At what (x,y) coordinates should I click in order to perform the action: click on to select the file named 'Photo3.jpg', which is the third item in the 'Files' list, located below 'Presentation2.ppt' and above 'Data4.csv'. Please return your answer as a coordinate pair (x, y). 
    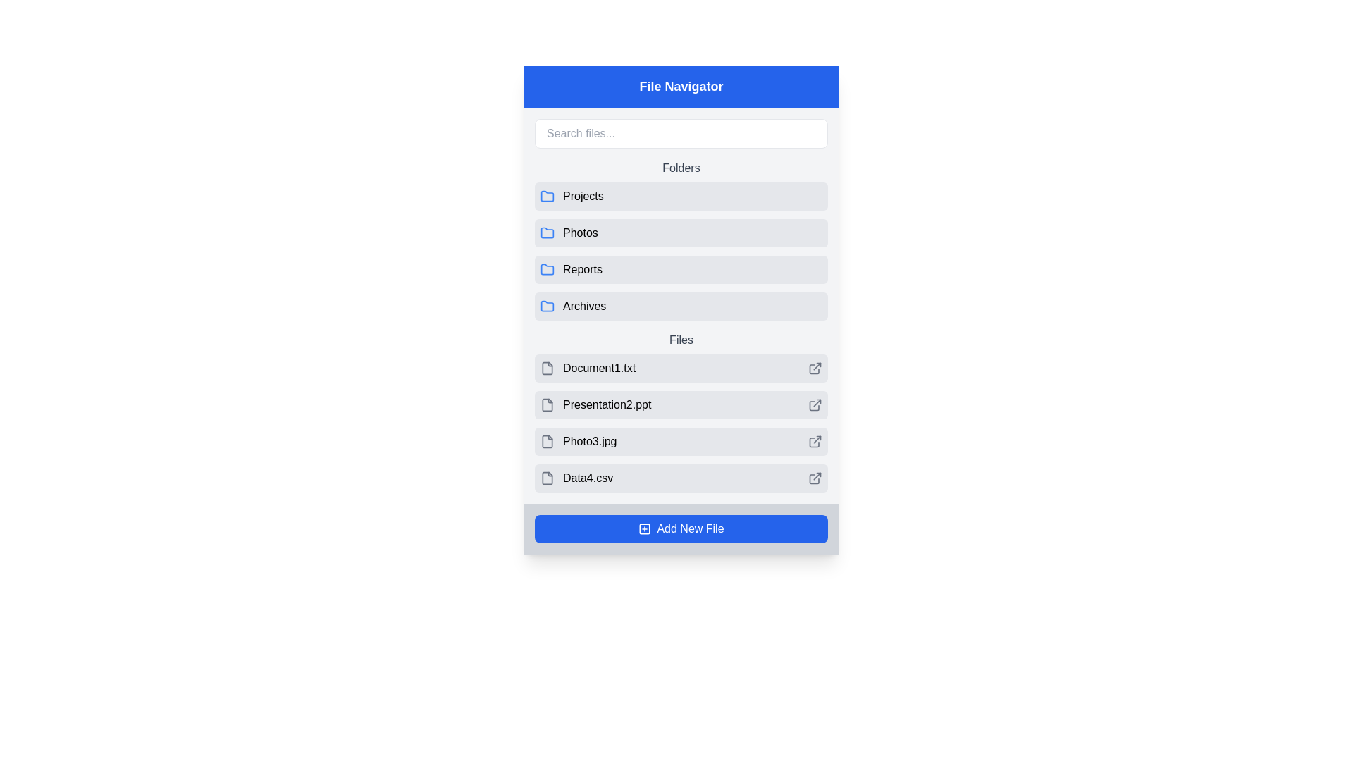
    Looking at the image, I should click on (681, 441).